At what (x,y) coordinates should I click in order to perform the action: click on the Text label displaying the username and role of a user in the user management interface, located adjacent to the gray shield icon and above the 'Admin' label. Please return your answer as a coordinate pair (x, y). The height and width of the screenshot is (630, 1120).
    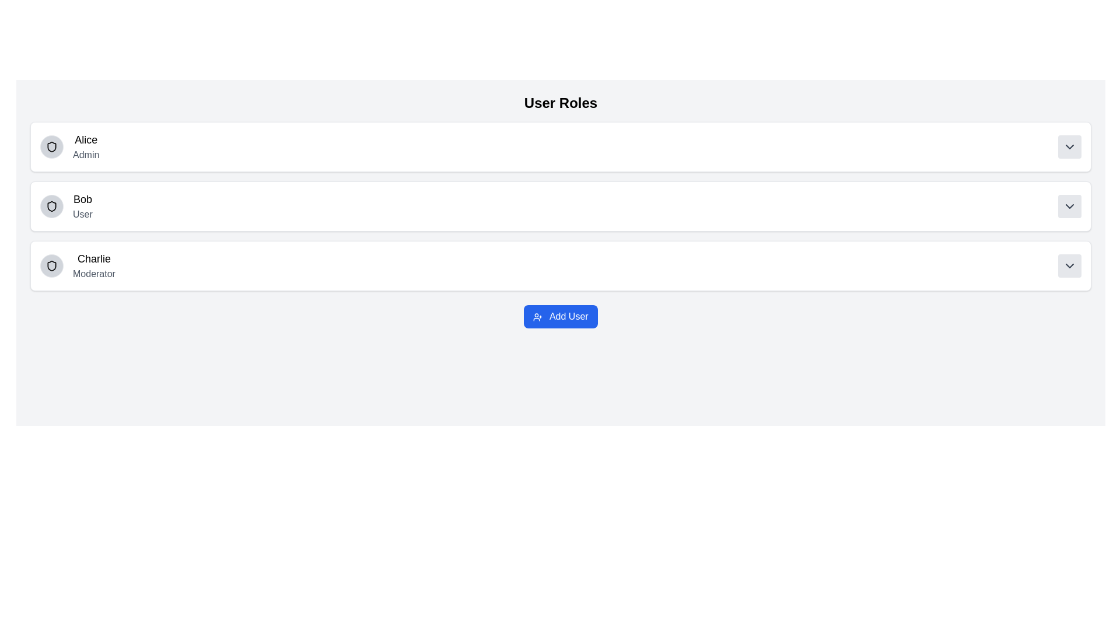
    Looking at the image, I should click on (69, 146).